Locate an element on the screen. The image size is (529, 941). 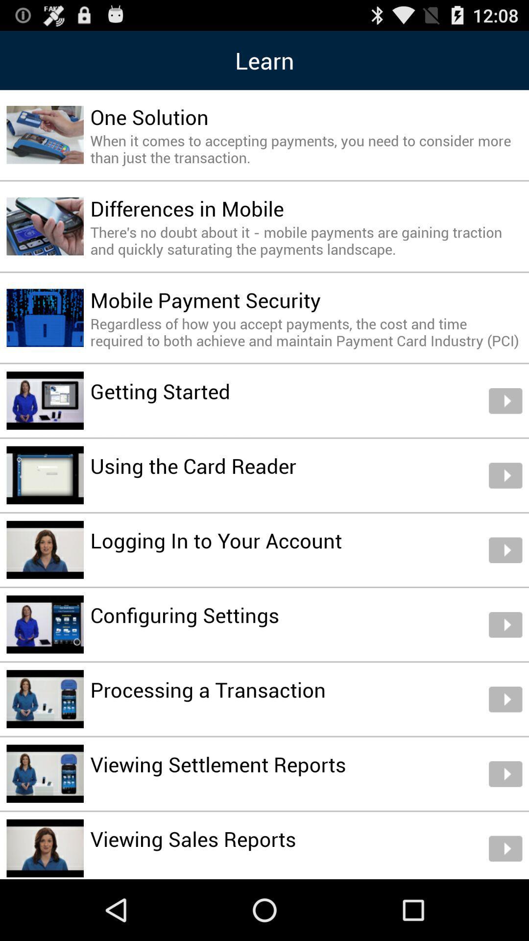
item above the regardless of how icon is located at coordinates (205, 299).